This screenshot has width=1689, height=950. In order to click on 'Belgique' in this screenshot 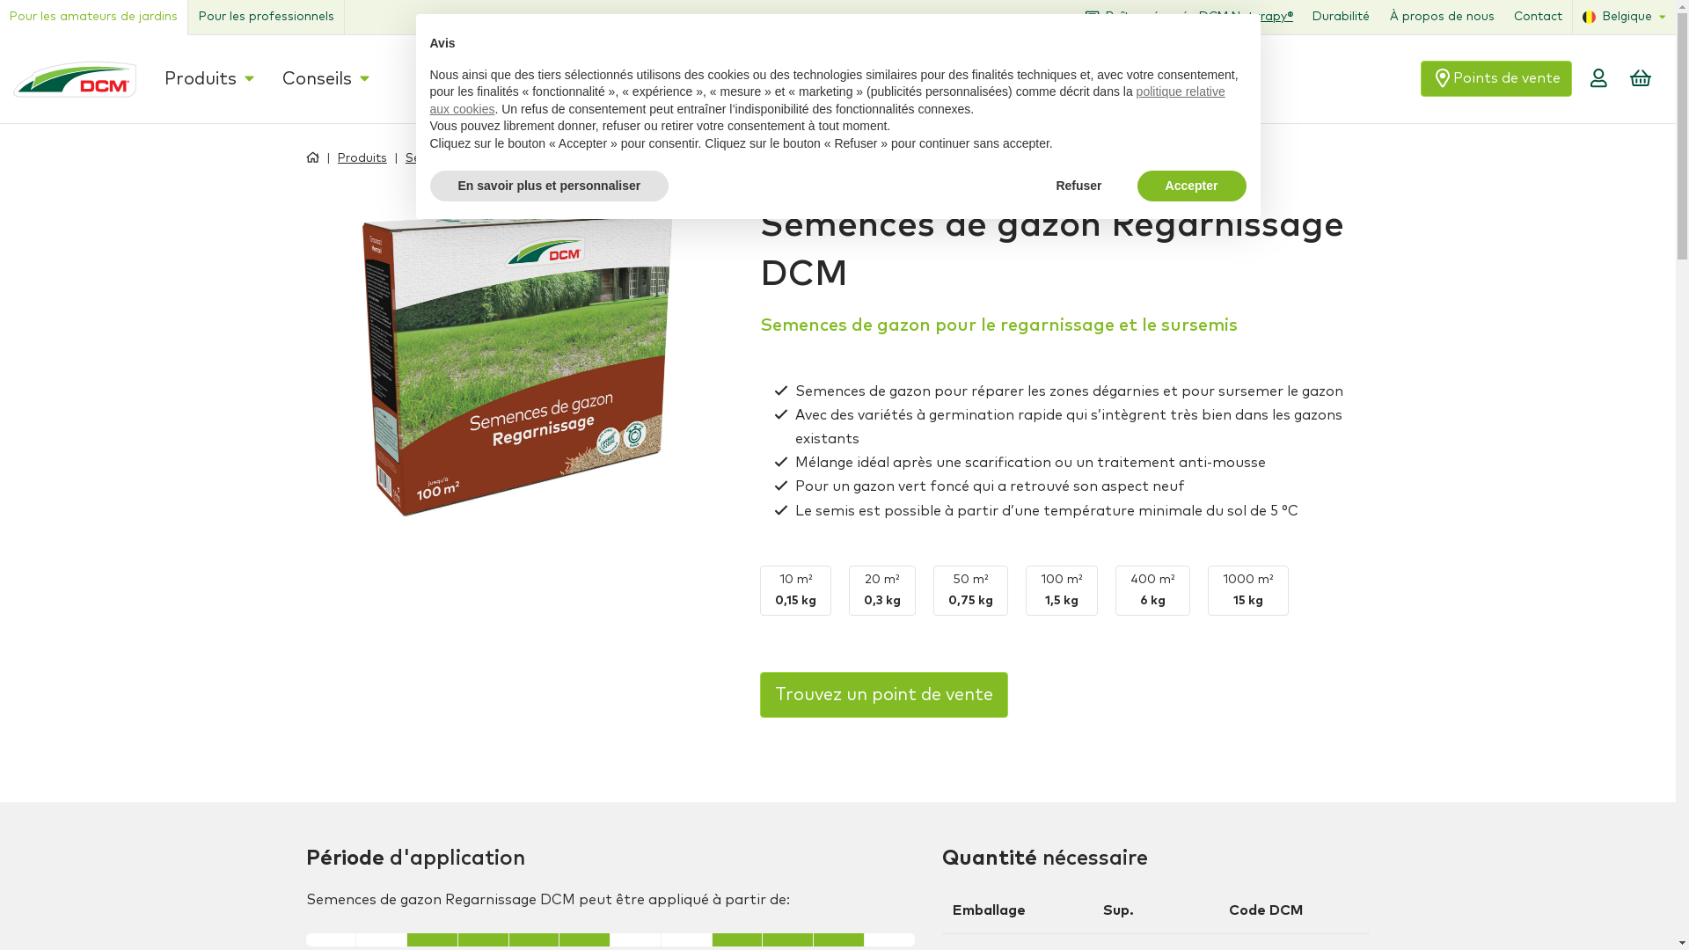, I will do `click(1583, 17)`.